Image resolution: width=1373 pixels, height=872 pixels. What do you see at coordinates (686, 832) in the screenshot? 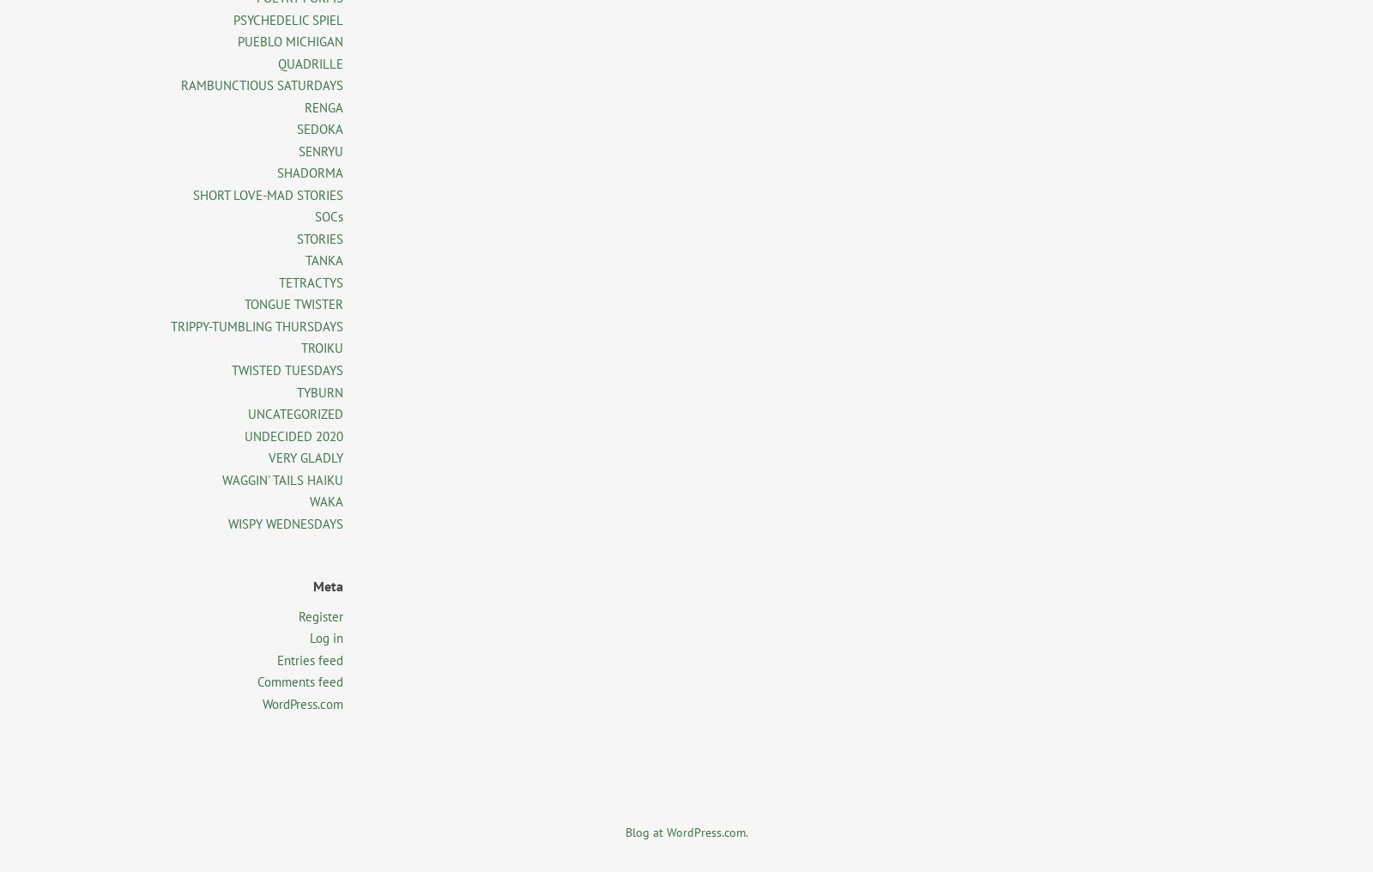
I see `'Blog at WordPress.com.'` at bounding box center [686, 832].